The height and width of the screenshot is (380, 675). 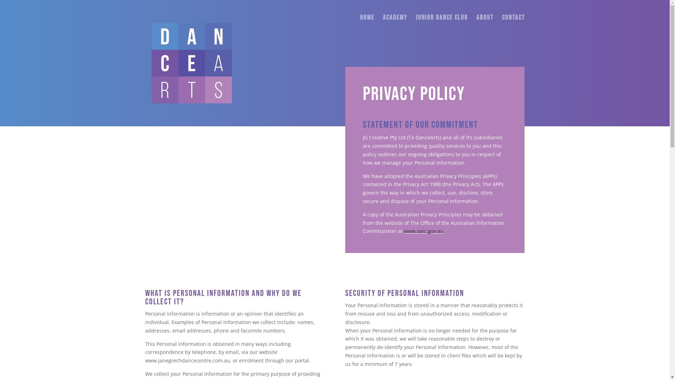 I want to click on 'Contact', so click(x=513, y=25).